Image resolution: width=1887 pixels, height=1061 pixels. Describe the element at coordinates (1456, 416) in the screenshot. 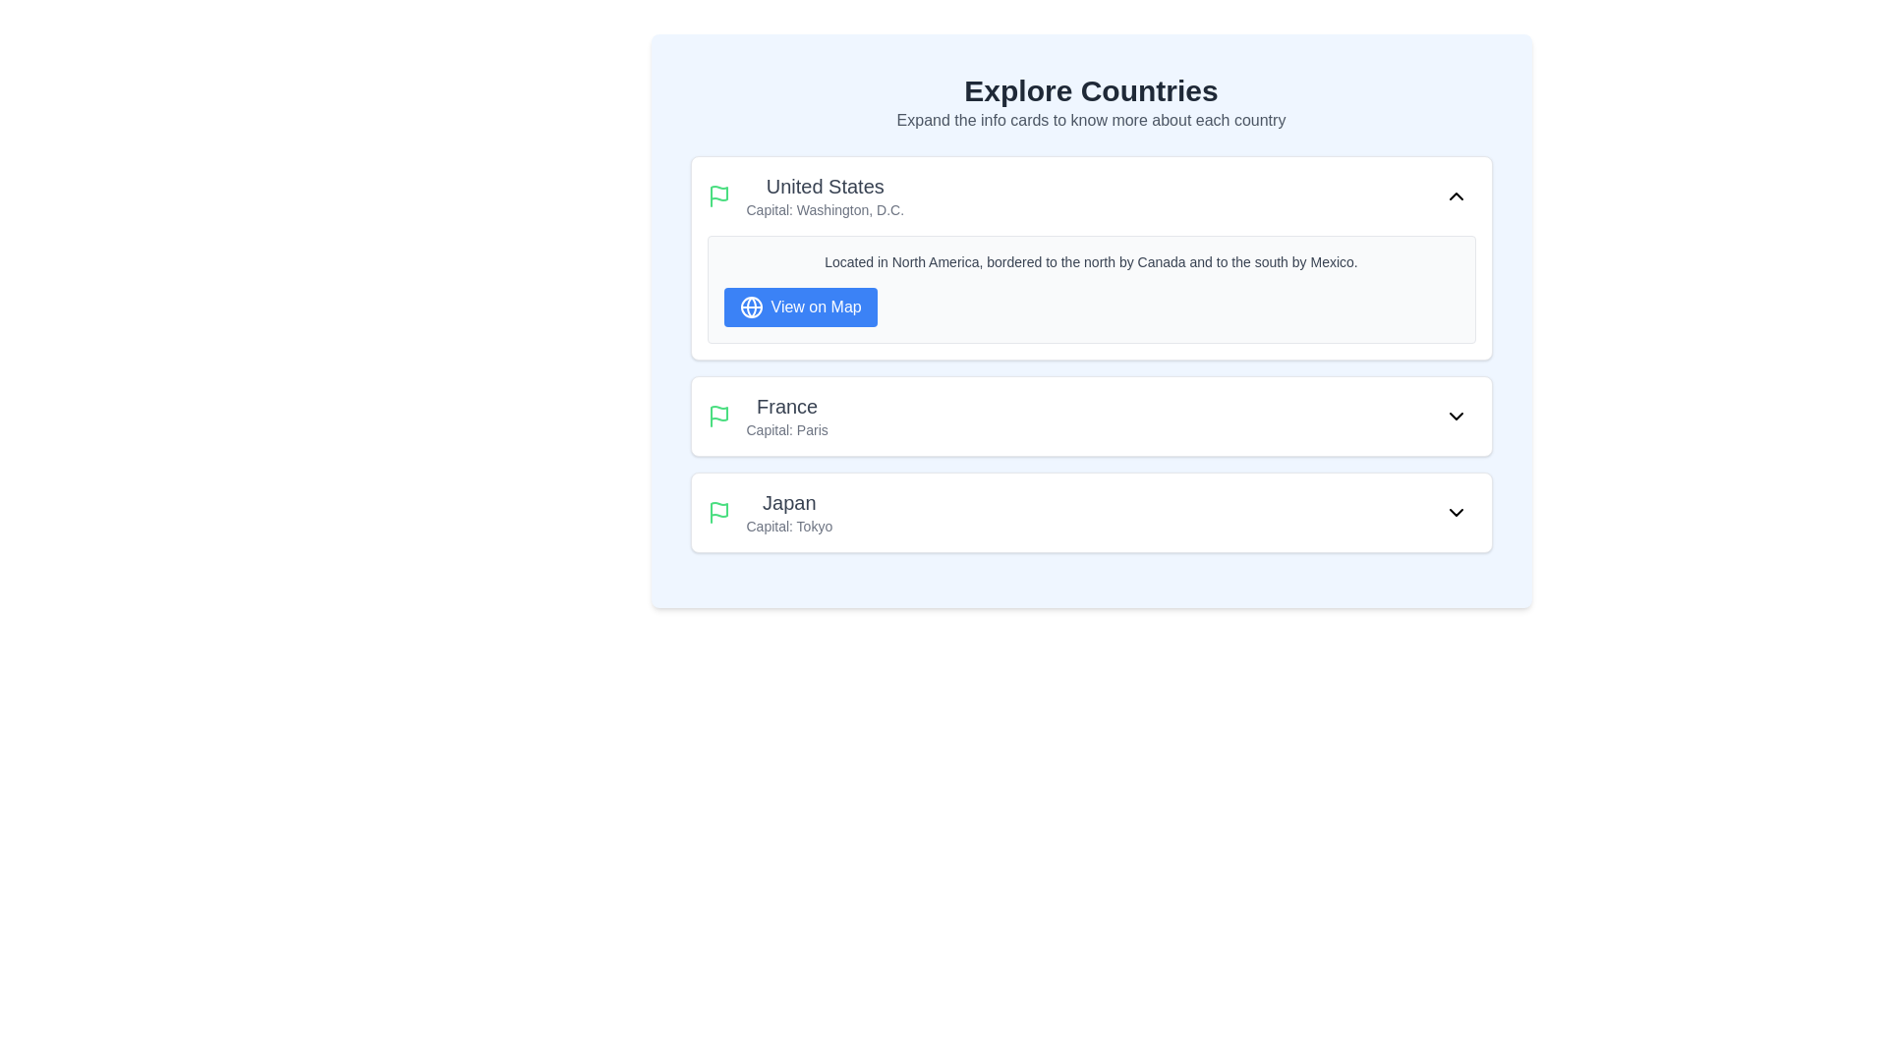

I see `the Dropdown toggle button with a downward-pointing chevron icon located at the right end of the 'France' list item, following the text 'Capital: Paris'` at that location.